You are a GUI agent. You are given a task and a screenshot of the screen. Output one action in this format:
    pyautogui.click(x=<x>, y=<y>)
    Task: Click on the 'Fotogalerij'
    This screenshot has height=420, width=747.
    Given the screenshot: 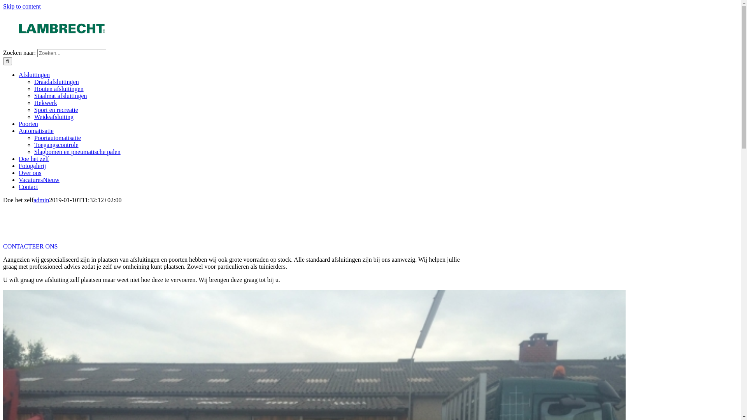 What is the action you would take?
    pyautogui.click(x=32, y=165)
    